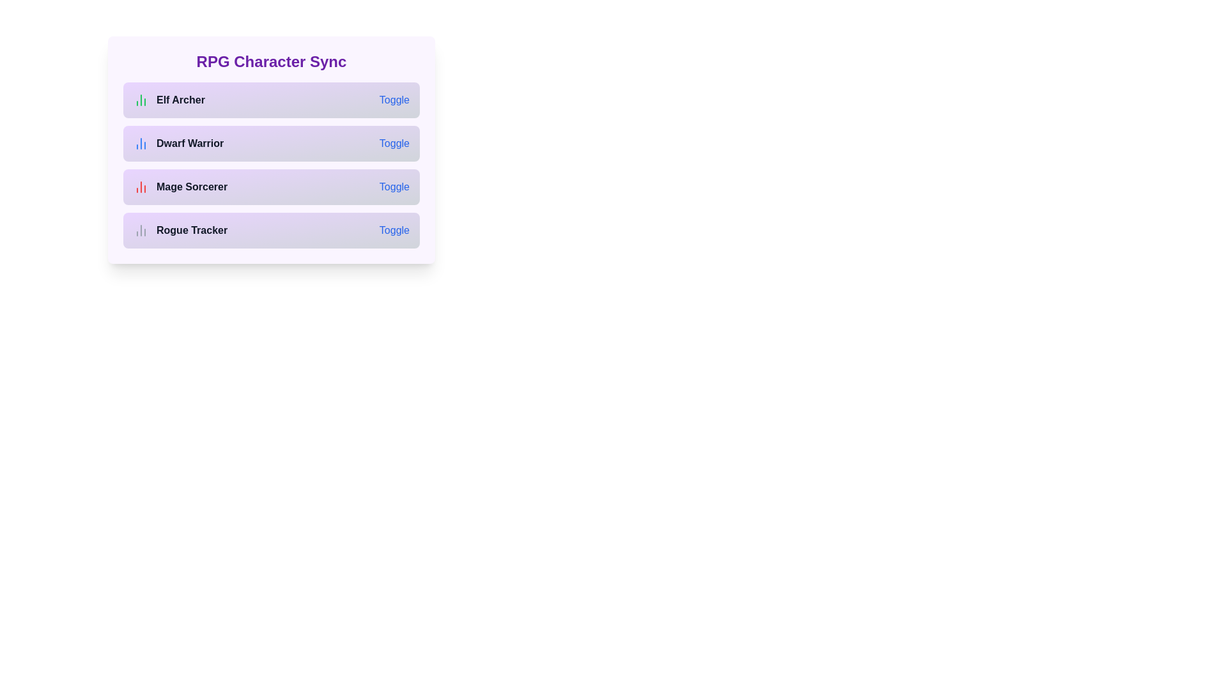 The height and width of the screenshot is (690, 1227). What do you see at coordinates (141, 187) in the screenshot?
I see `the SVG icon representing a bar chart with red stroke and rounded edges, located at the beginning of the 'Mage Sorcerer' entry in the character list` at bounding box center [141, 187].